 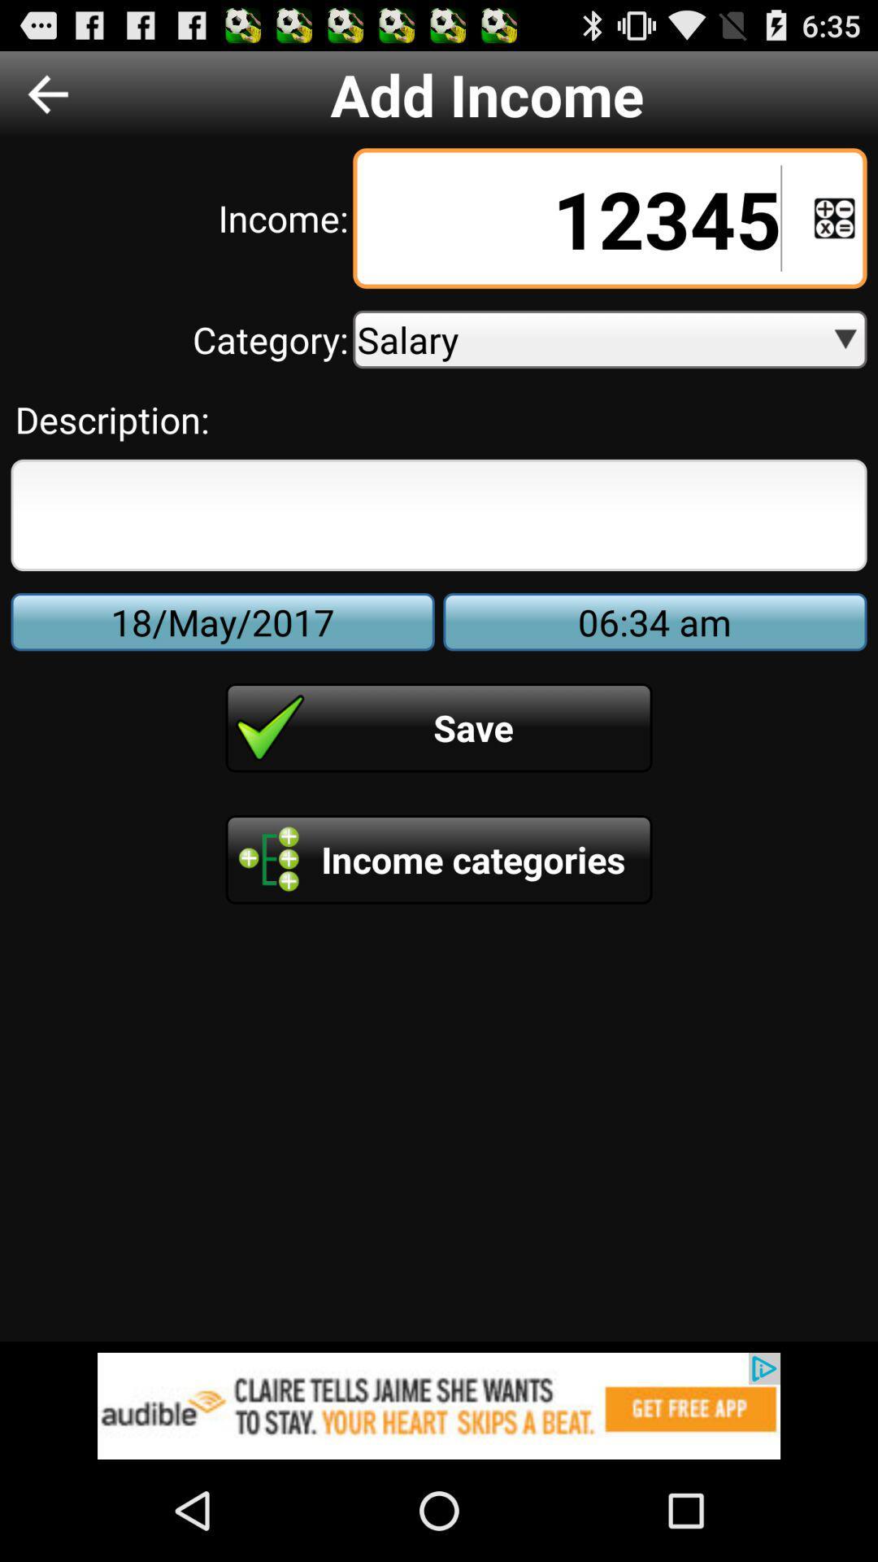 What do you see at coordinates (834, 217) in the screenshot?
I see `calculate` at bounding box center [834, 217].